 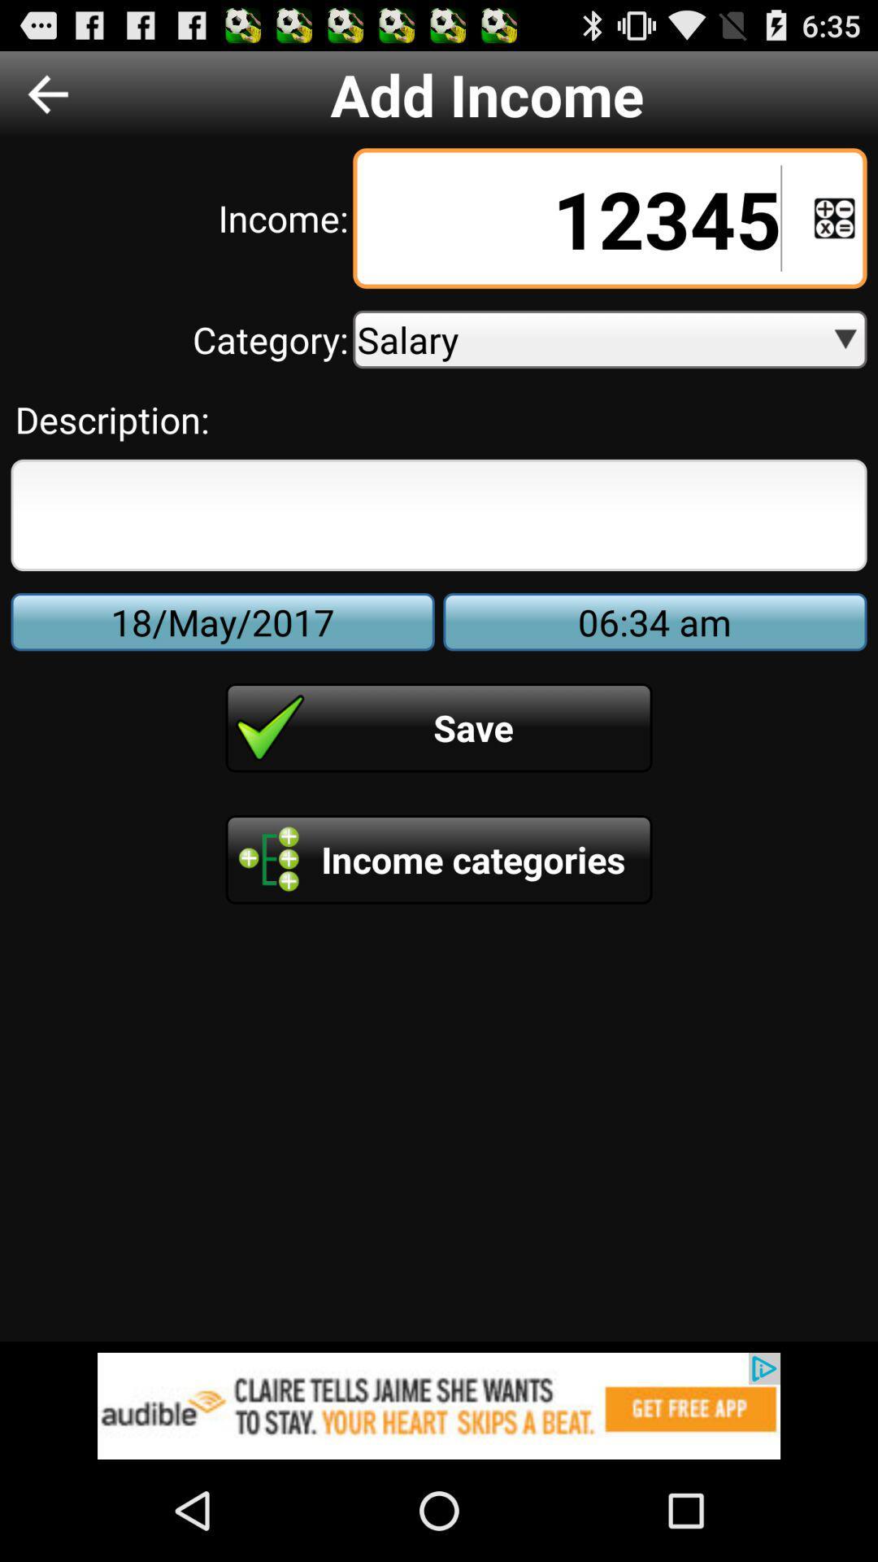 What do you see at coordinates (834, 217) in the screenshot?
I see `calculate` at bounding box center [834, 217].